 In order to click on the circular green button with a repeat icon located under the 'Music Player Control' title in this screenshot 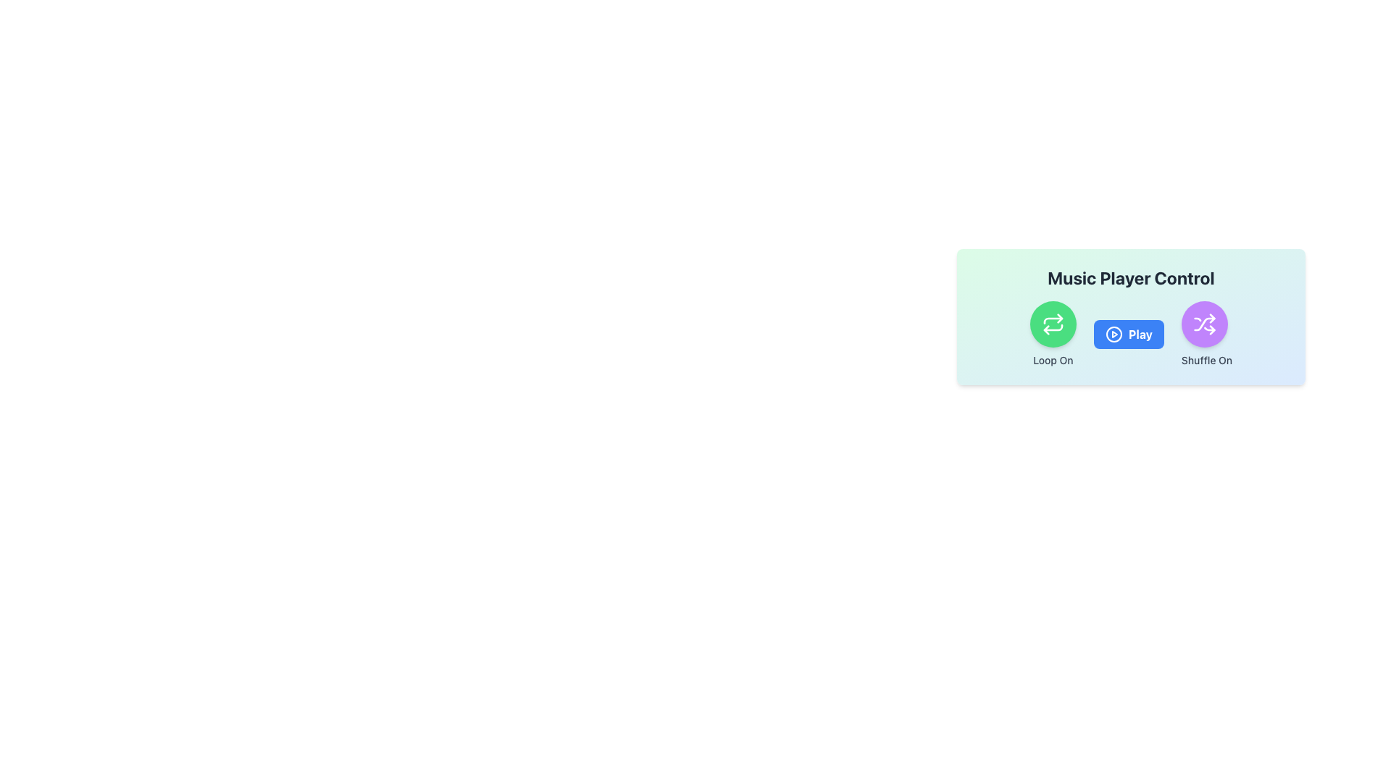, I will do `click(1053, 323)`.